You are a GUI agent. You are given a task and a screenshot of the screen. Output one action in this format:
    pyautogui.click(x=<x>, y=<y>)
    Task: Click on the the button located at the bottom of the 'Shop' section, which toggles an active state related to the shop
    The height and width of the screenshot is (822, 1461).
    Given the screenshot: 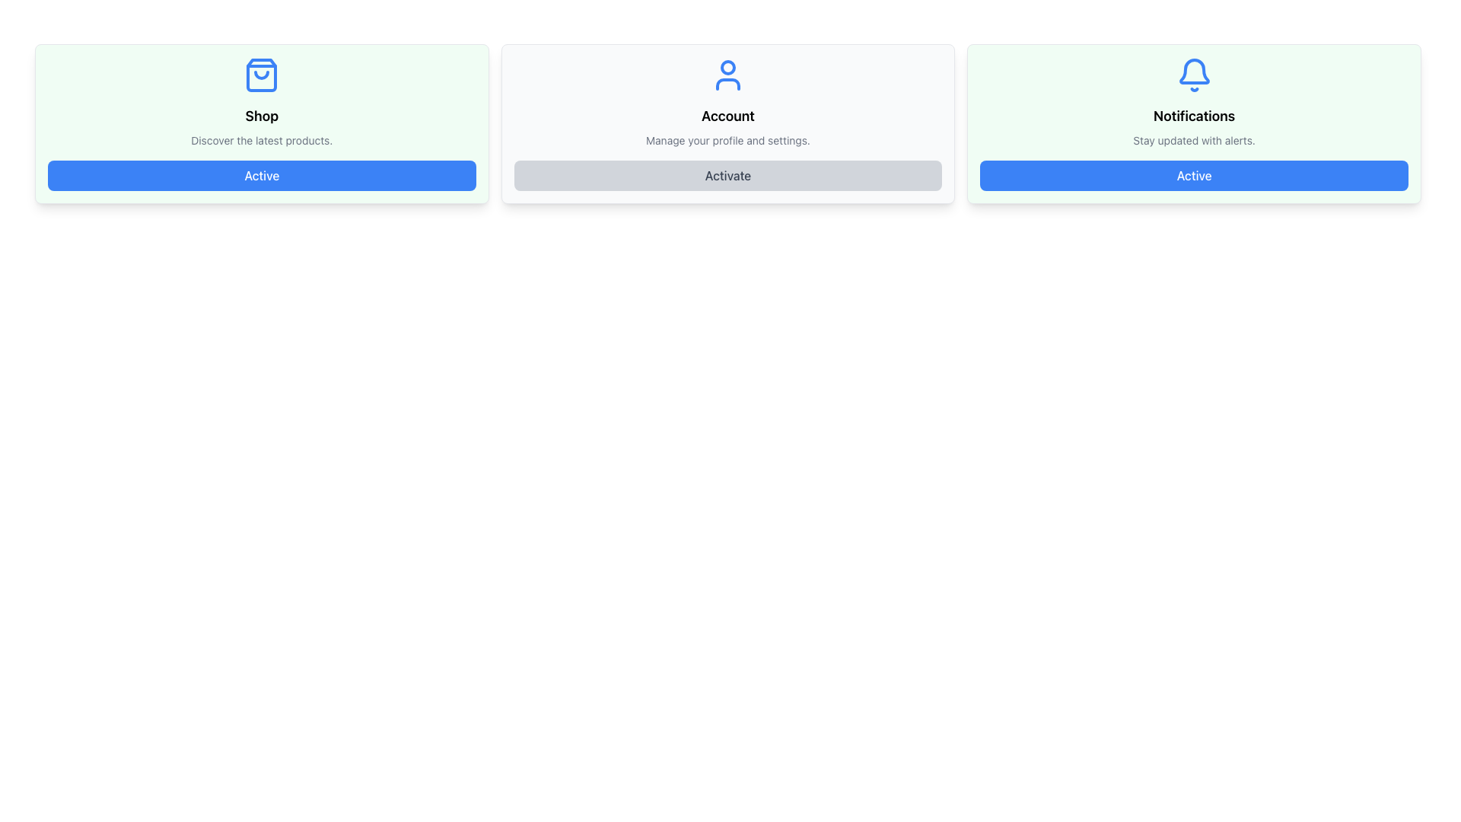 What is the action you would take?
    pyautogui.click(x=262, y=175)
    